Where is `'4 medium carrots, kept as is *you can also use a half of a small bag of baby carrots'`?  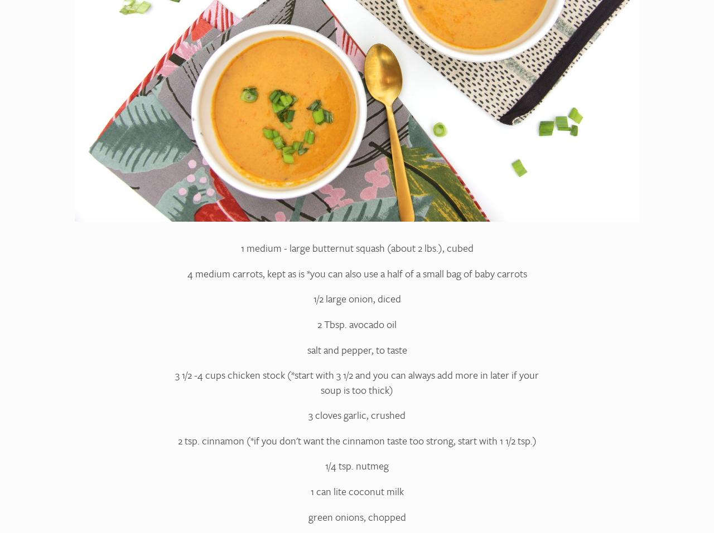
'4 medium carrots, kept as is *you can also use a half of a small bag of baby carrots' is located at coordinates (186, 272).